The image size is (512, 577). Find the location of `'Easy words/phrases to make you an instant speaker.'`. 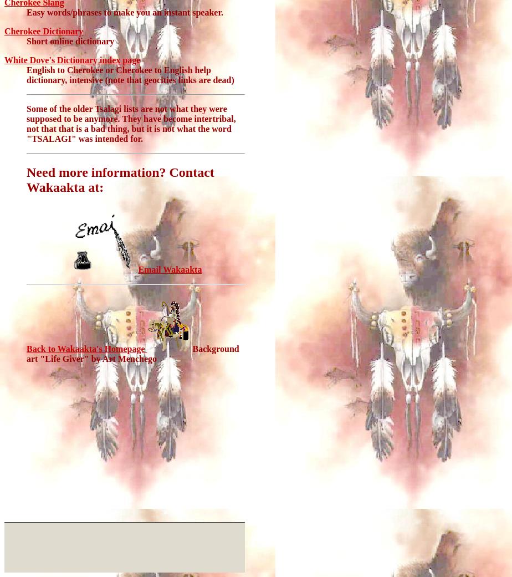

'Easy words/phrases to make you an instant speaker.' is located at coordinates (125, 12).